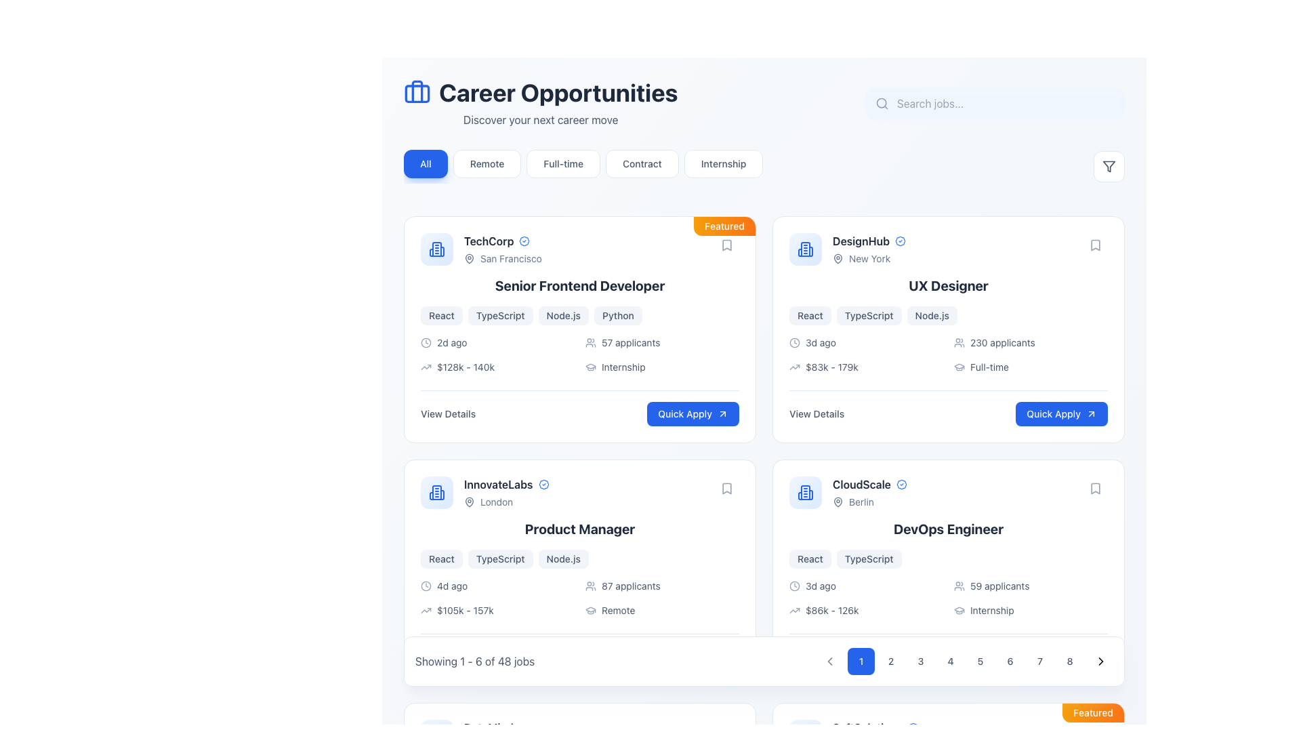  Describe the element at coordinates (1061, 413) in the screenshot. I see `the 'Quick Apply' button, which is a rectangular button with white text on a blue background and a small upward arrow icon, located in the bottom-right corner of the 'DesignHub - UX Designer' job listing card` at that location.